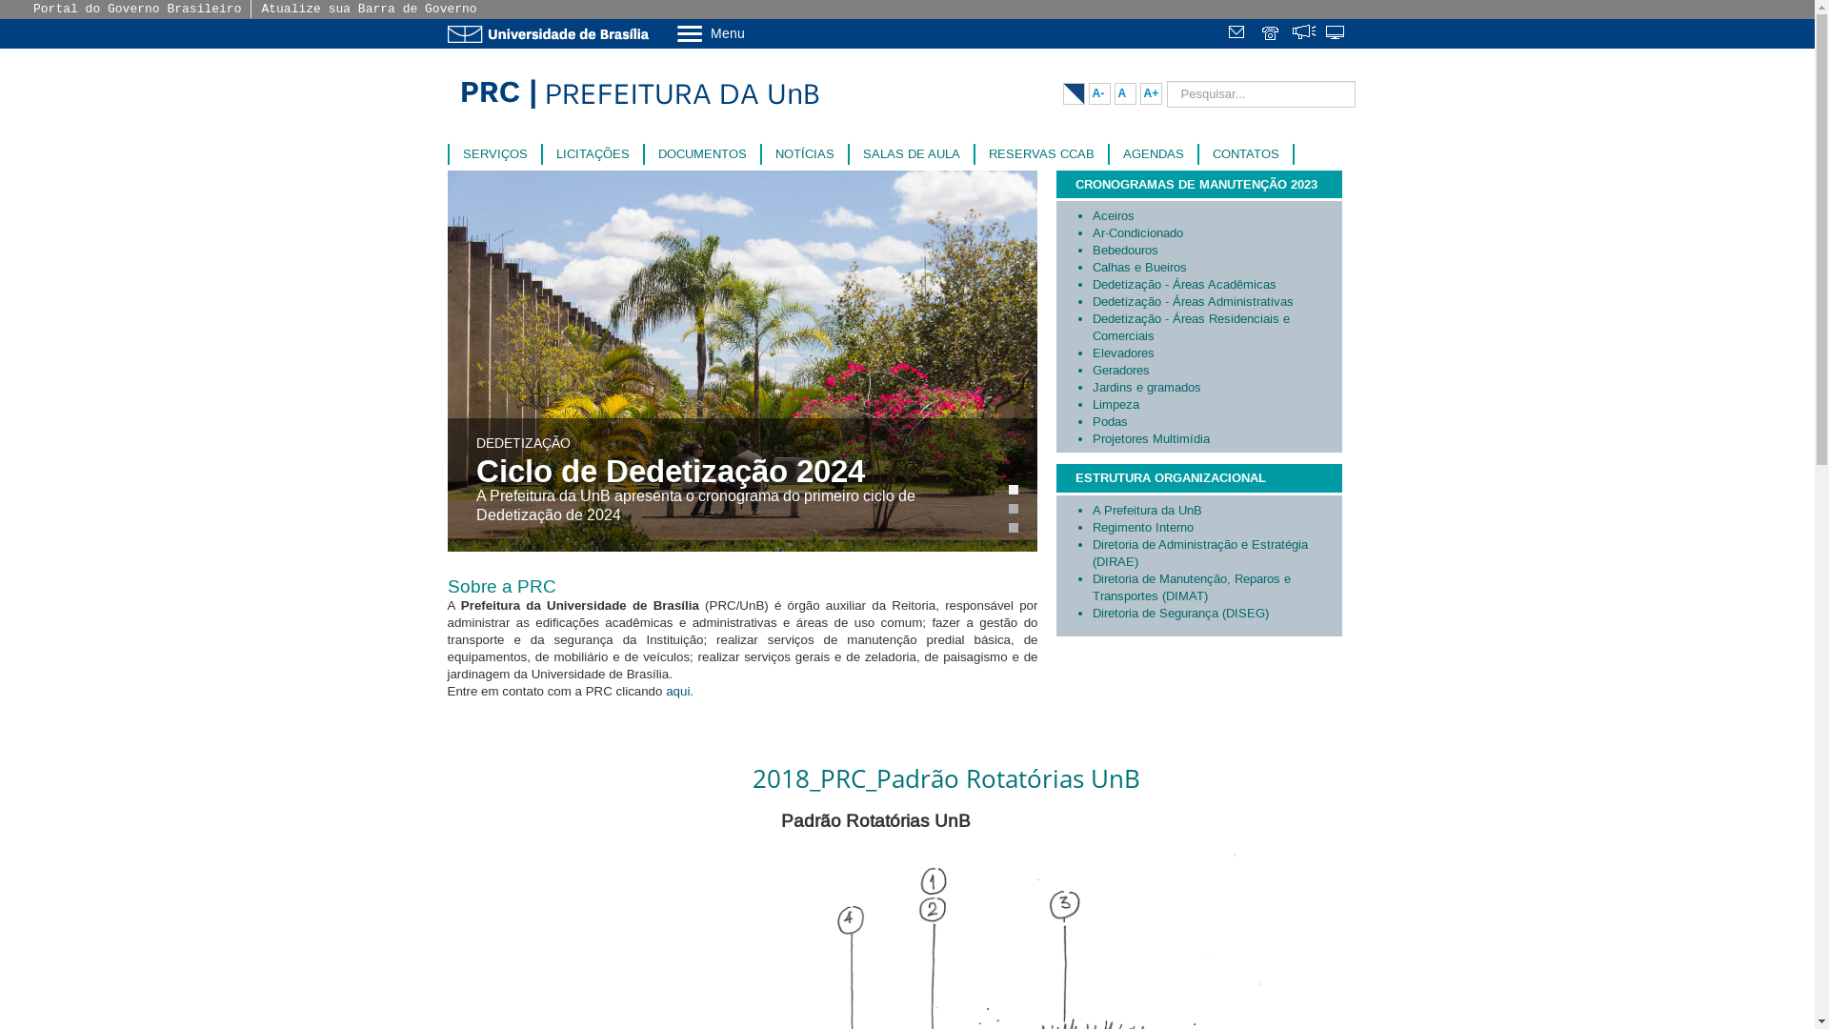  I want to click on 'A Prefeitura da UnB', so click(1093, 510).